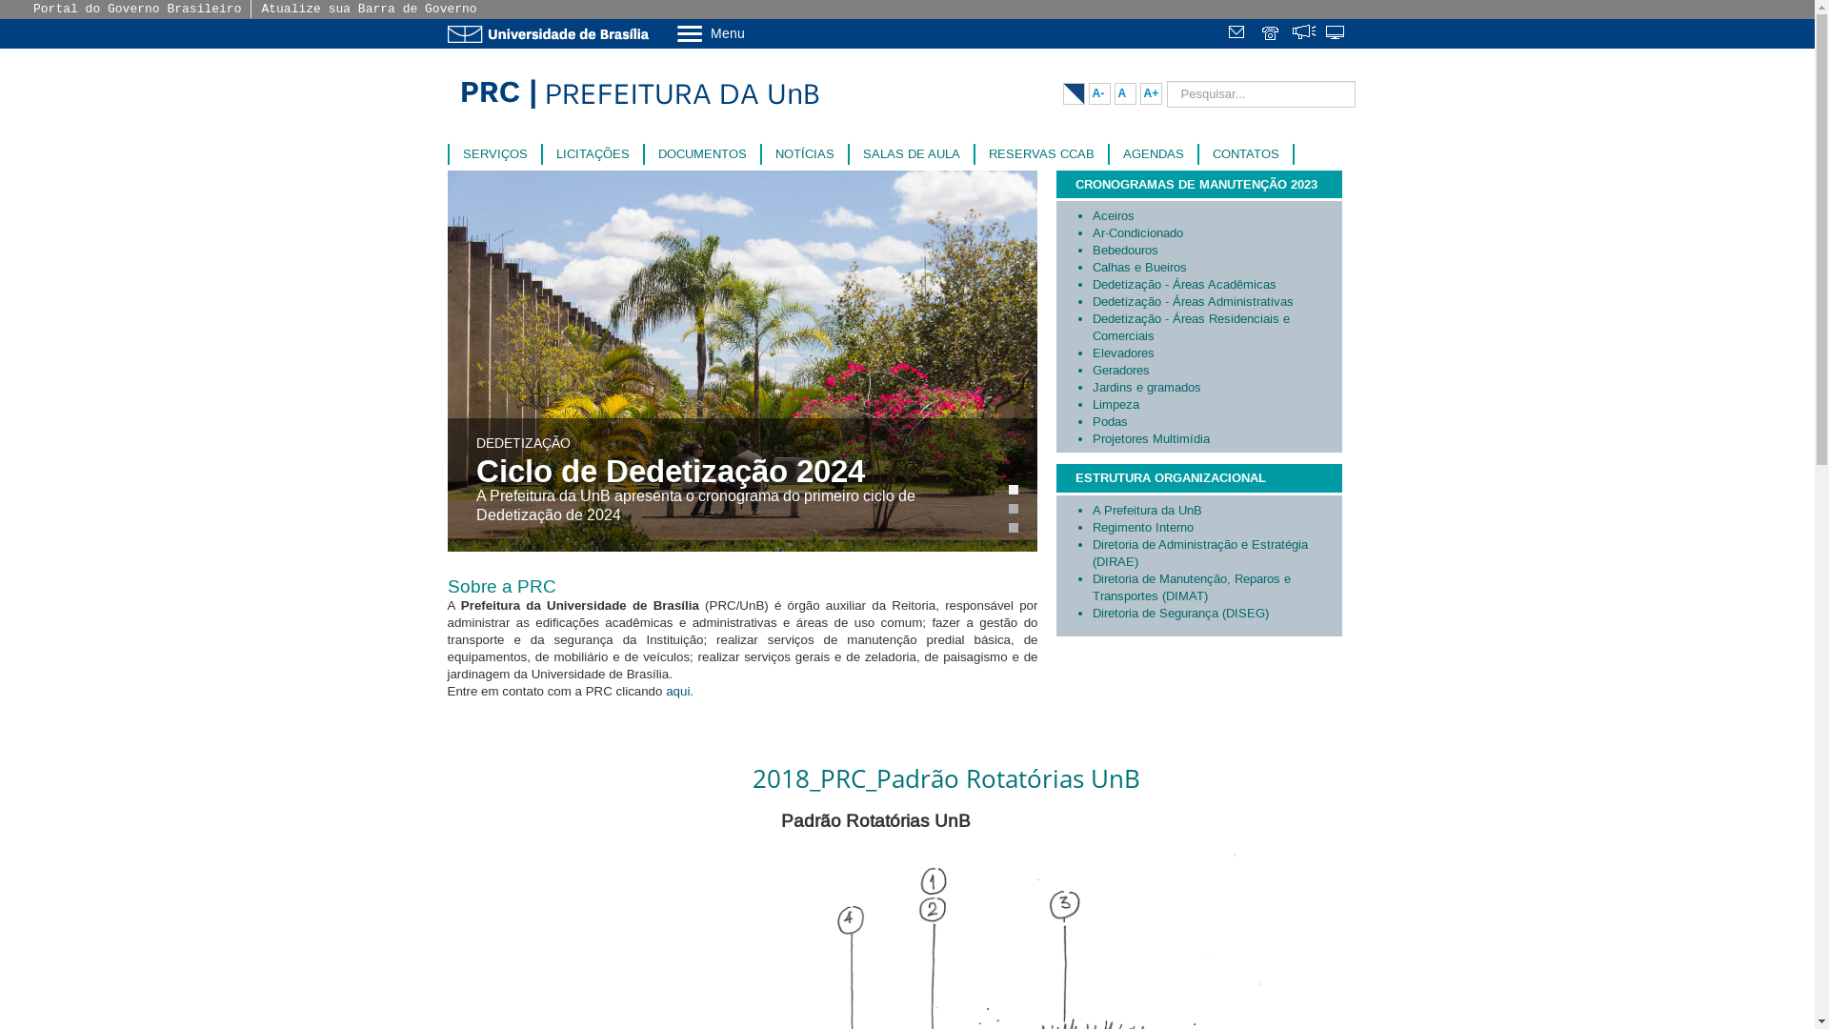  I want to click on 'A Prefeitura da UnB', so click(1093, 510).